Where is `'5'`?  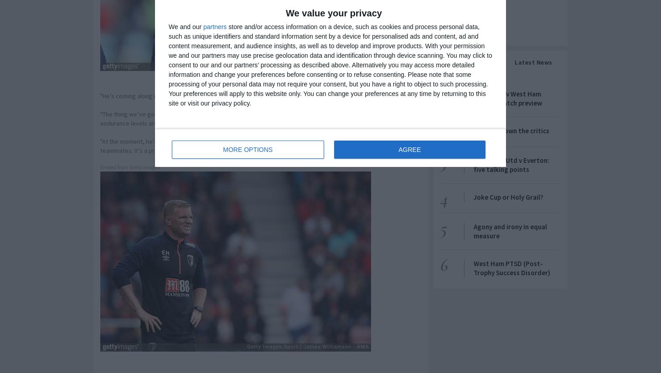
'5' is located at coordinates (439, 227).